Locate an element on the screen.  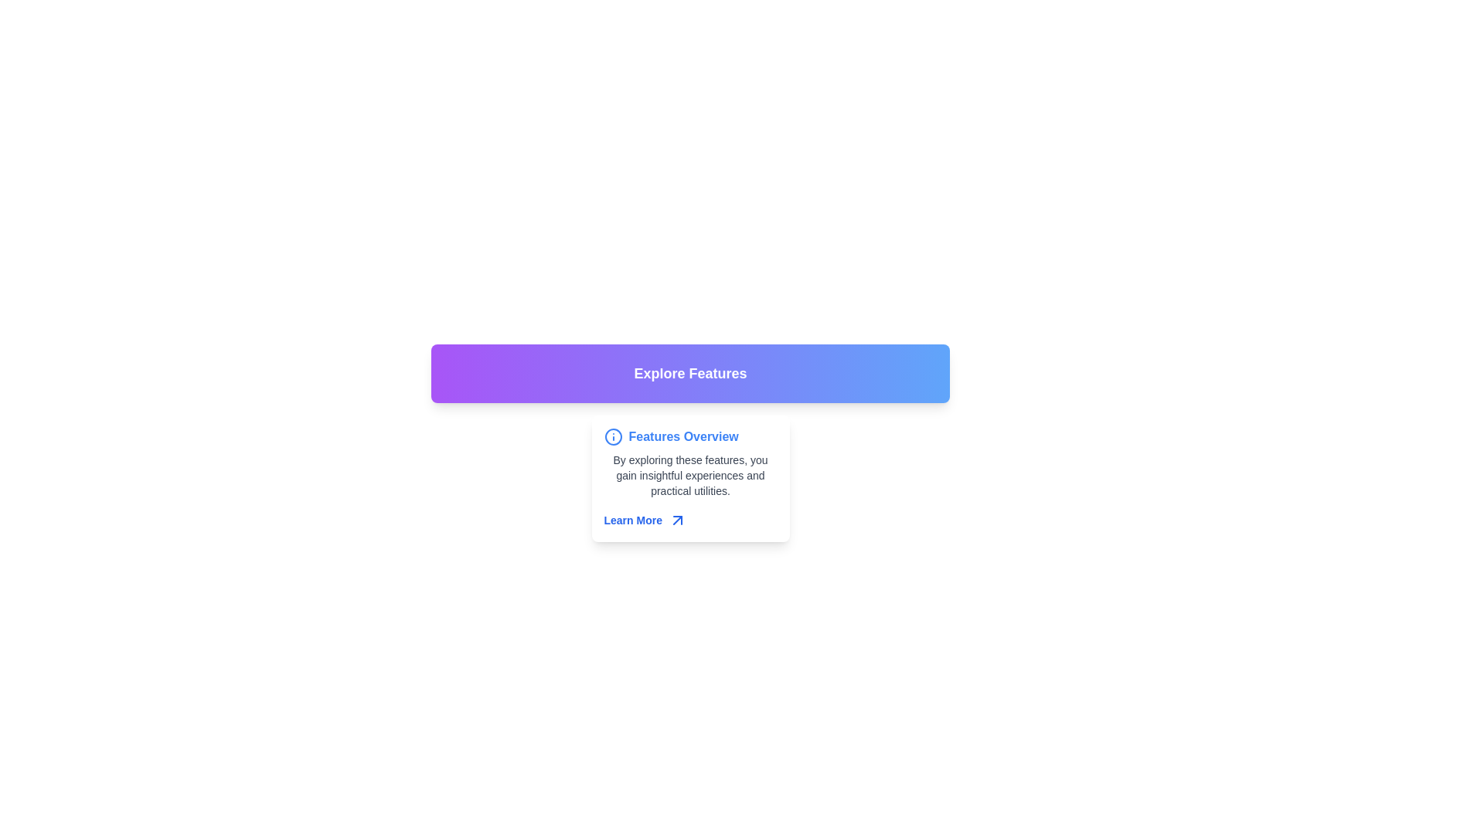
the decorative SVG circle element located in the upper-left corner of the card above the text 'Features Overview' is located at coordinates (612, 437).